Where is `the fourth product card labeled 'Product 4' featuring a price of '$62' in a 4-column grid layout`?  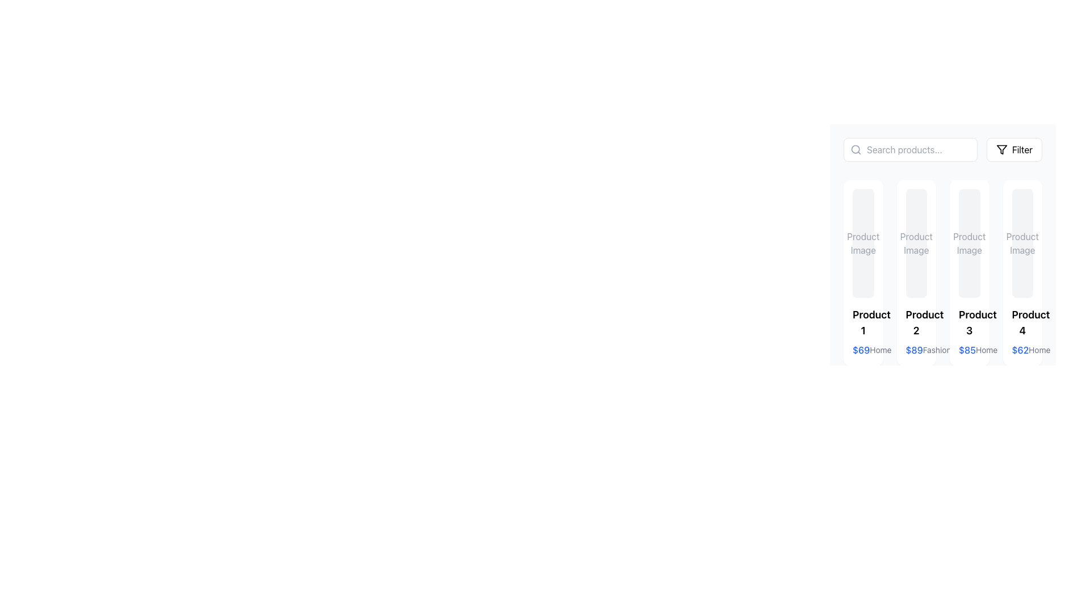 the fourth product card labeled 'Product 4' featuring a price of '$62' in a 4-column grid layout is located at coordinates (1022, 273).